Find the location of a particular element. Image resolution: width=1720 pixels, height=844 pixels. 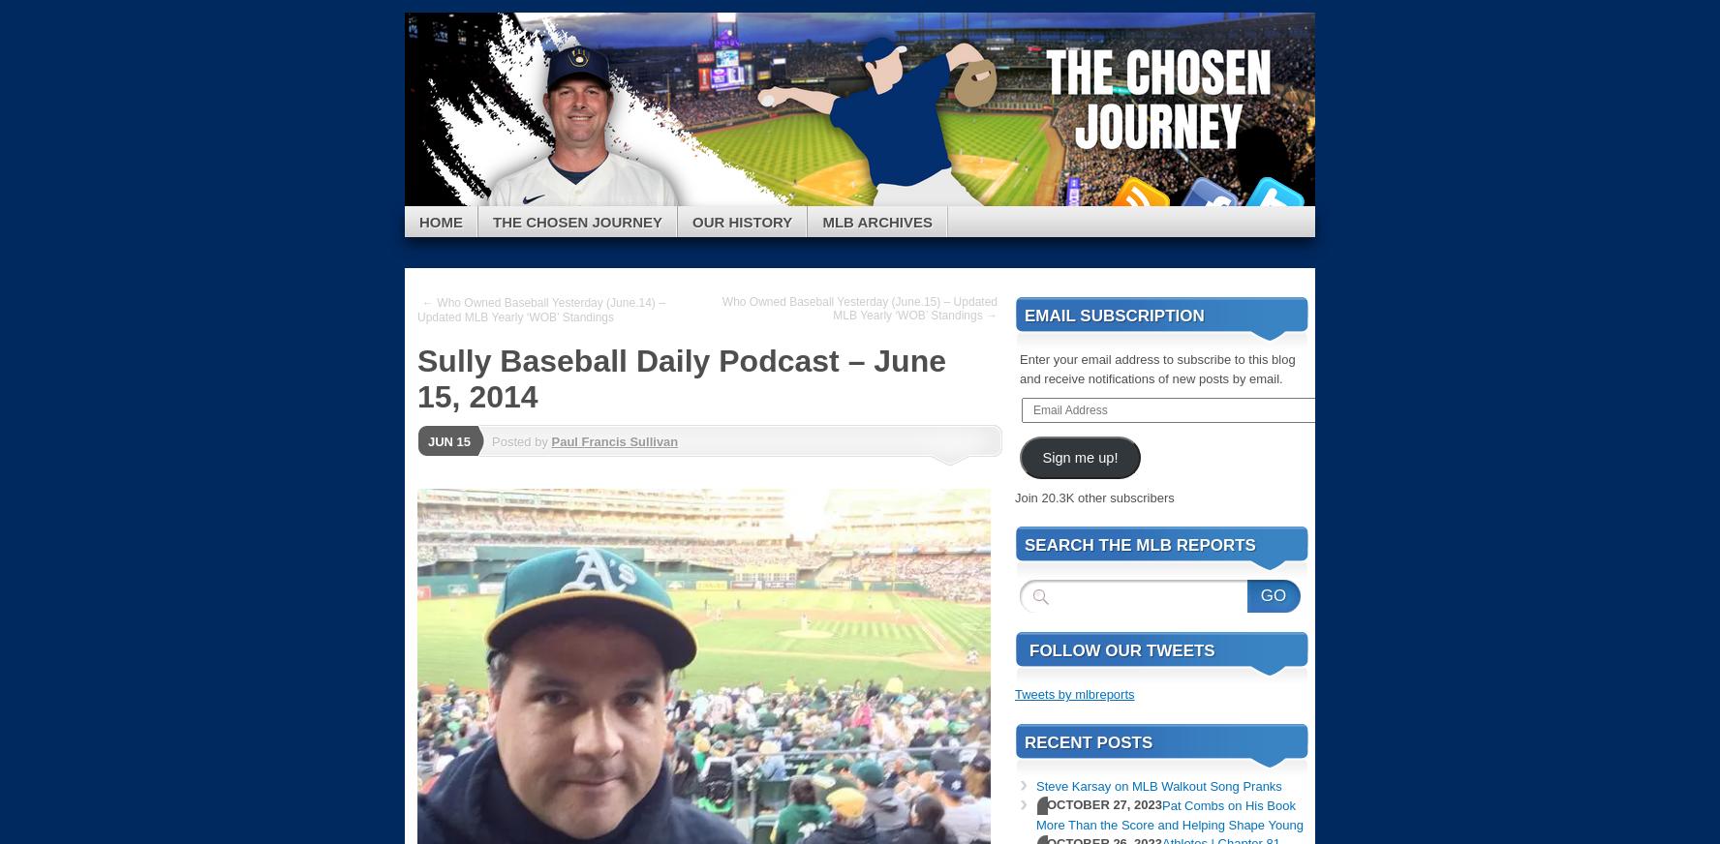

'Paul Francis Sullivan' is located at coordinates (613, 439).